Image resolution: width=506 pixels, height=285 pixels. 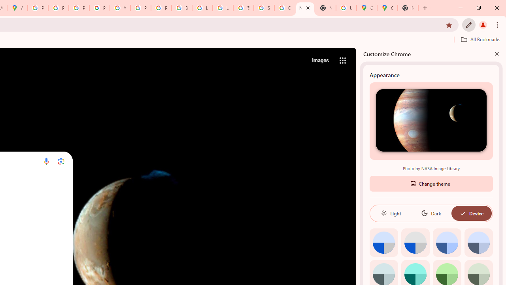 I want to click on 'Light', so click(x=391, y=213).